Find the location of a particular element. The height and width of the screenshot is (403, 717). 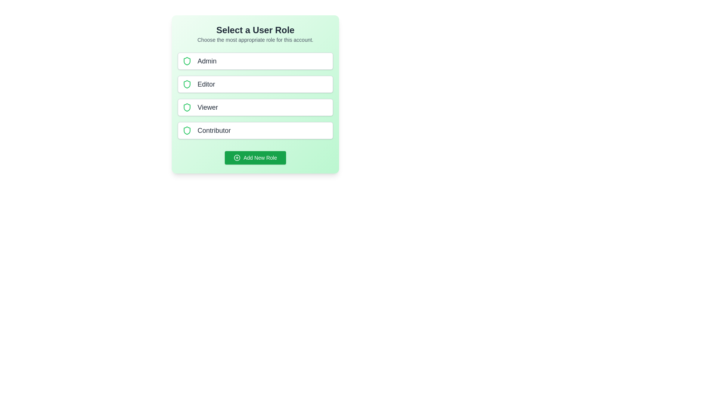

the role Admin to select it is located at coordinates (255, 61).